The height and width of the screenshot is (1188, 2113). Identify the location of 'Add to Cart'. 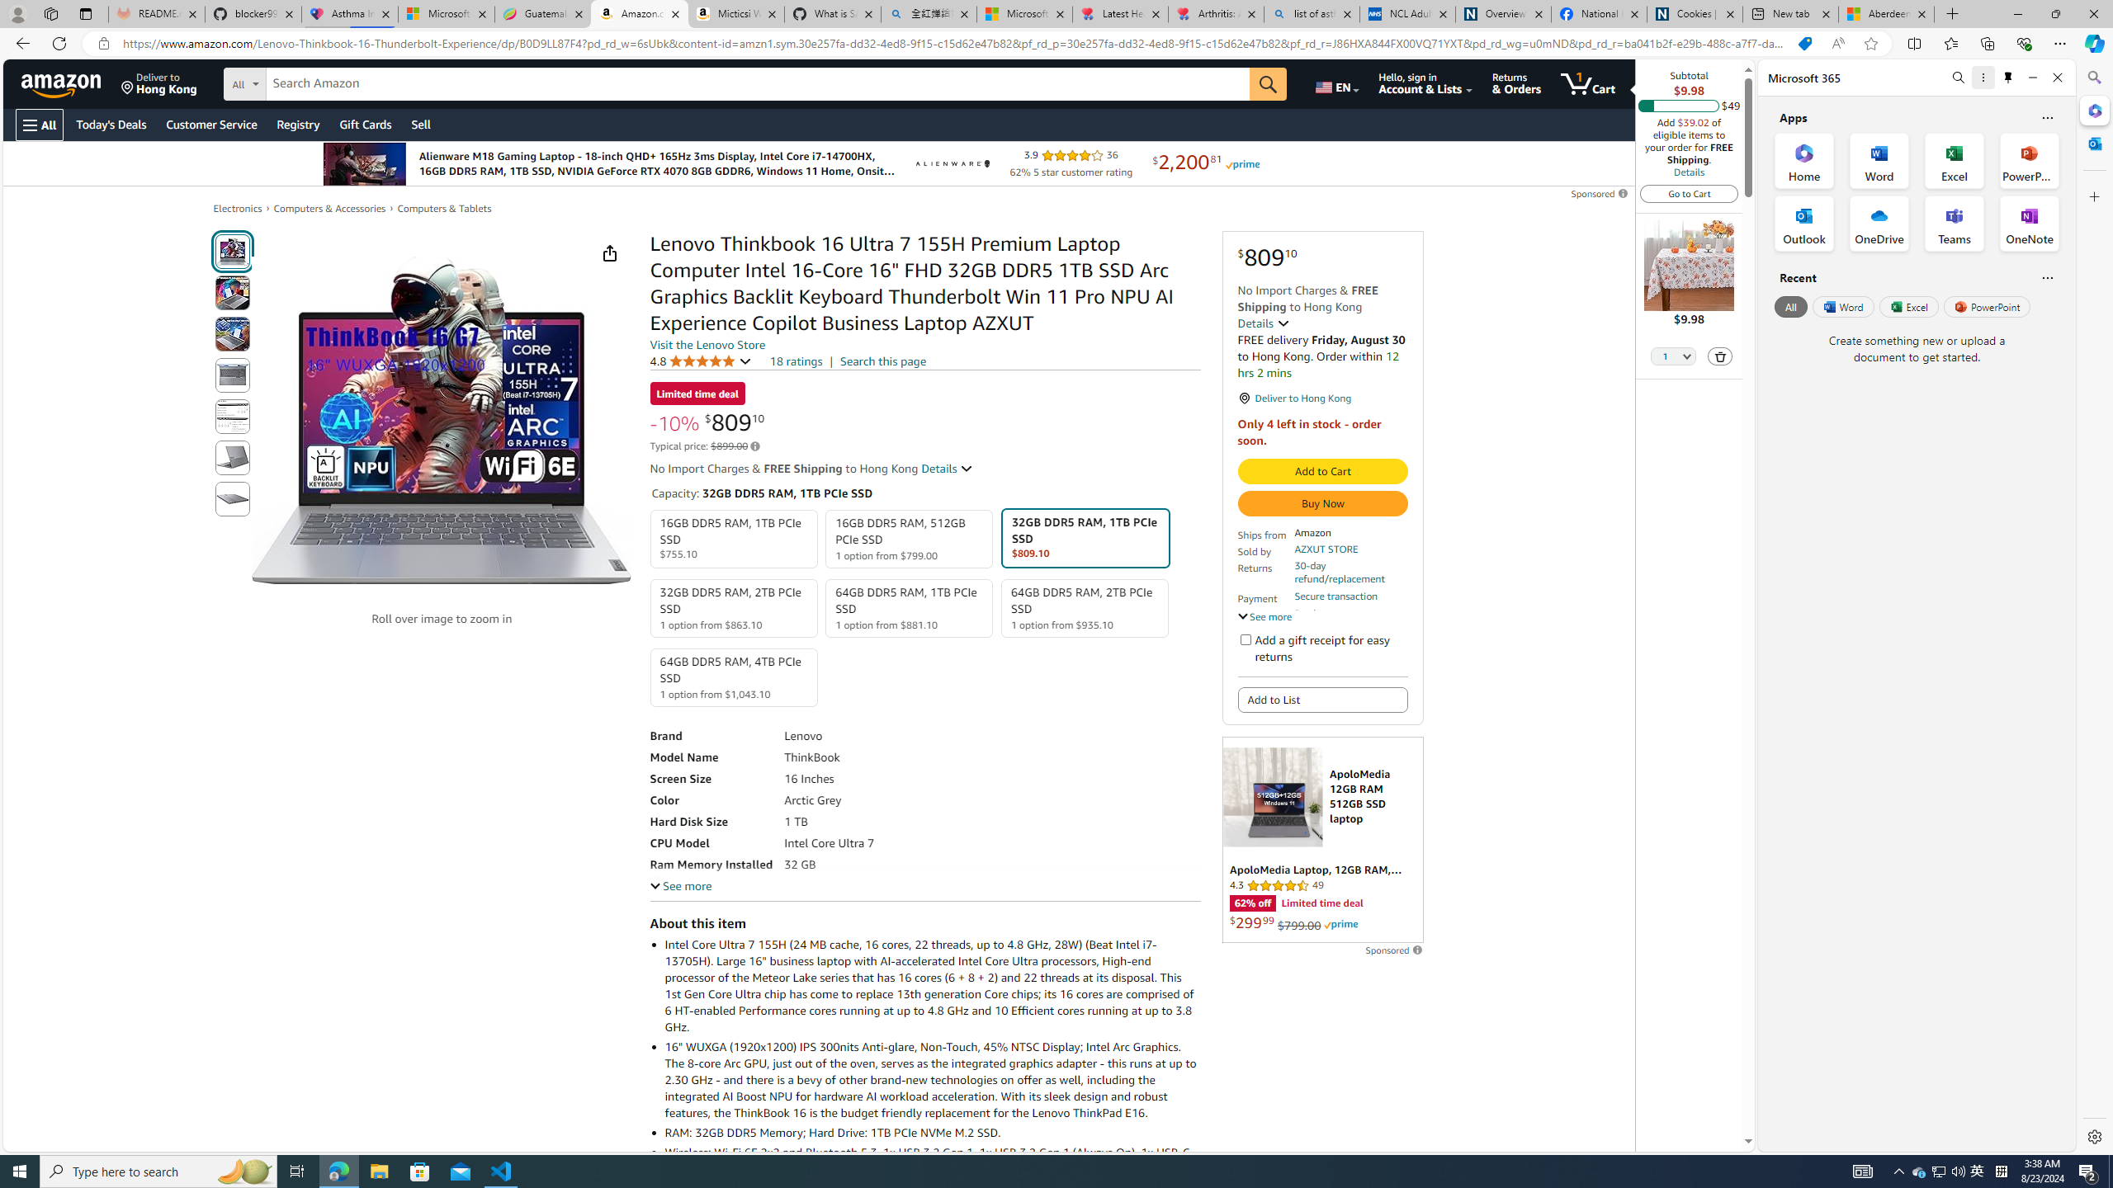
(1322, 470).